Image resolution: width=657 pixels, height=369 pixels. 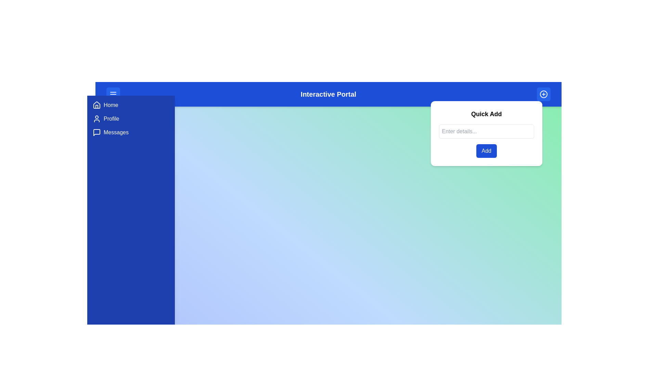 What do you see at coordinates (113, 94) in the screenshot?
I see `the menu button in the top-left corner of the app bar to toggle the visibility of the side navigation bar` at bounding box center [113, 94].